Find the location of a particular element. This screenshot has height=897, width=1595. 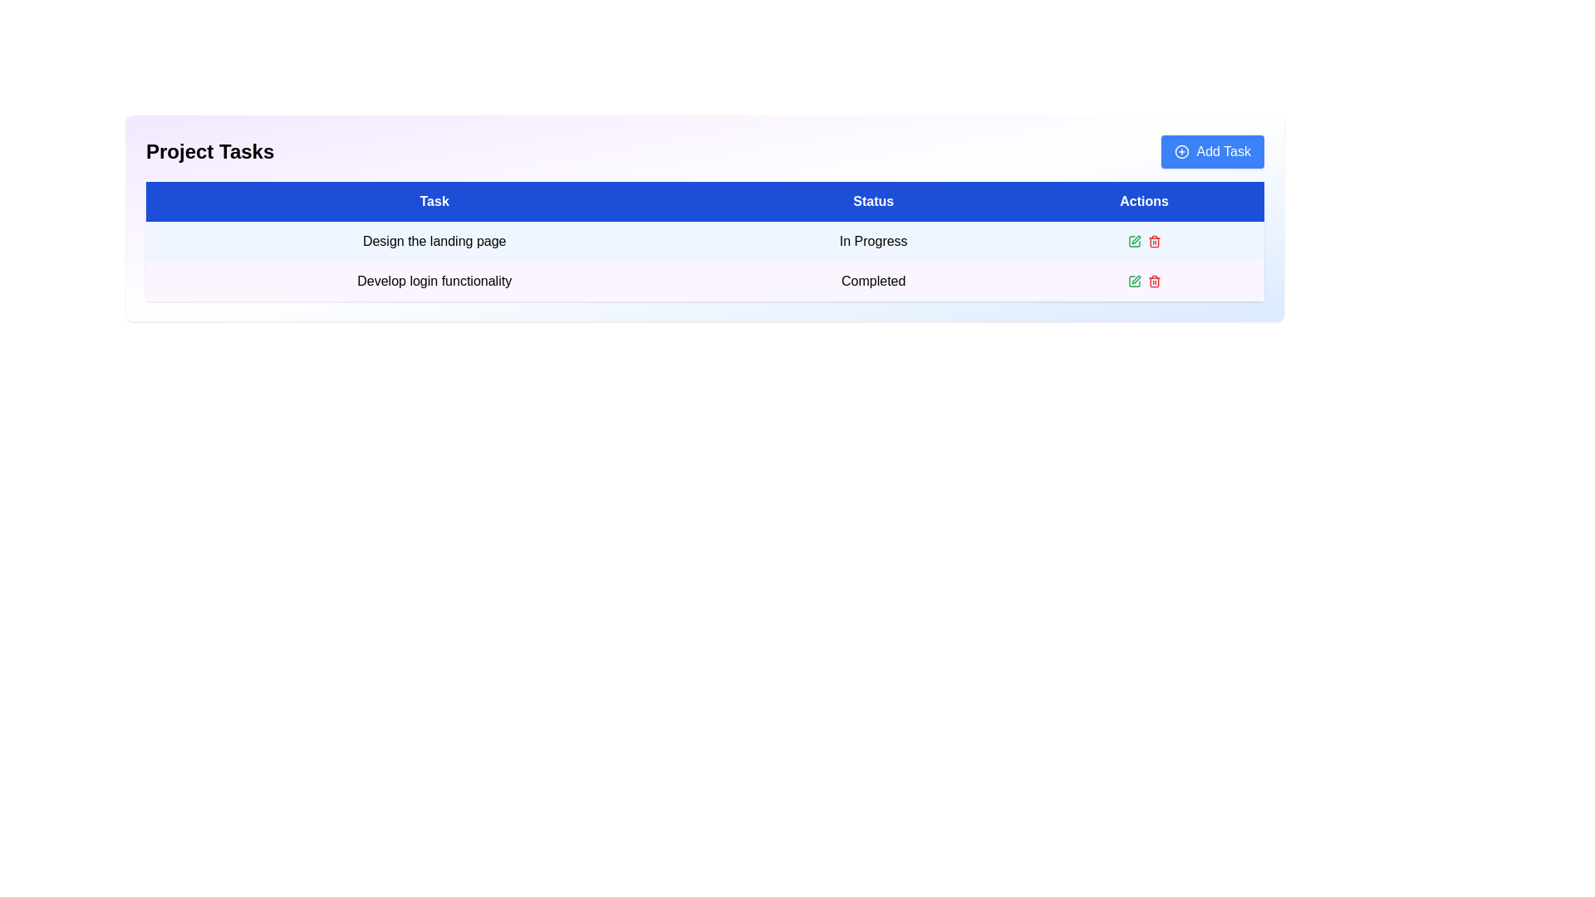

the decorative graphic element, which is a minimalistic square outline with rounded corners located in the action section of the second row of the task table is located at coordinates (1133, 241).